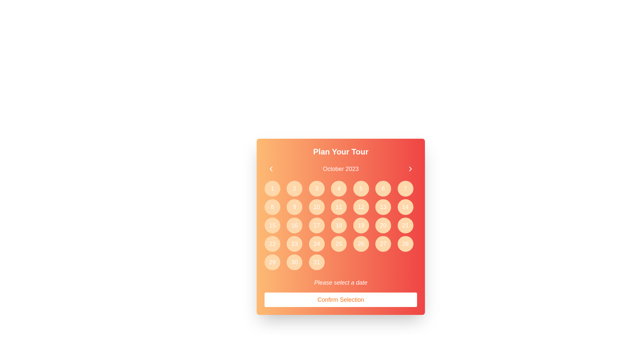 The height and width of the screenshot is (355, 631). Describe the element at coordinates (361, 244) in the screenshot. I see `the circular button with the numeral '26' that has a light orange background and white text, located in the sixth column and fourth row of the calendar grid` at that location.